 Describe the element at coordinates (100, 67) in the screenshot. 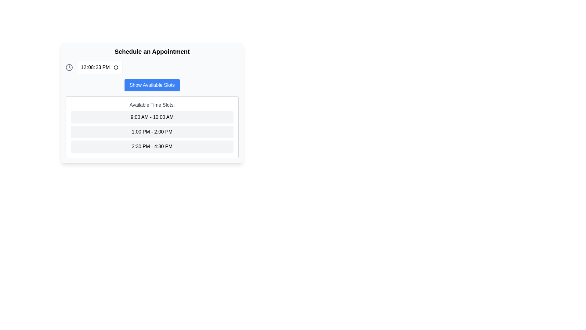

I see `the time input field located under the heading 'Schedule an Appointment'` at that location.